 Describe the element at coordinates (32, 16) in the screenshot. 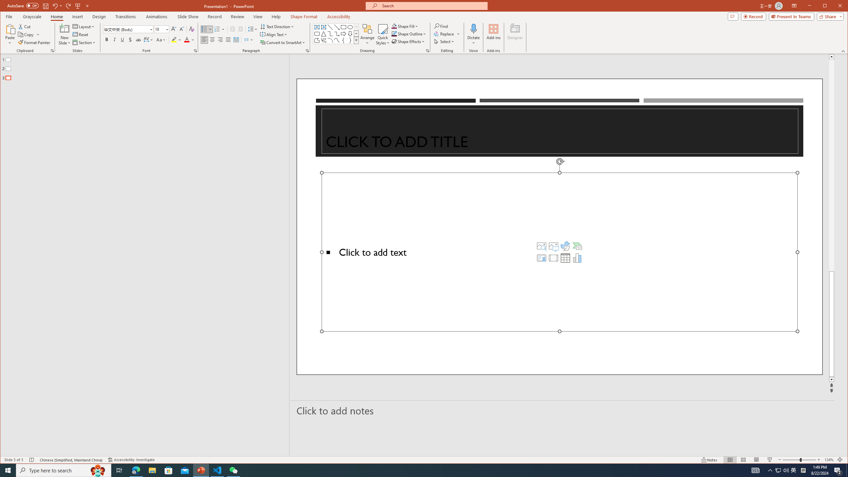

I see `'Grayscale'` at that location.